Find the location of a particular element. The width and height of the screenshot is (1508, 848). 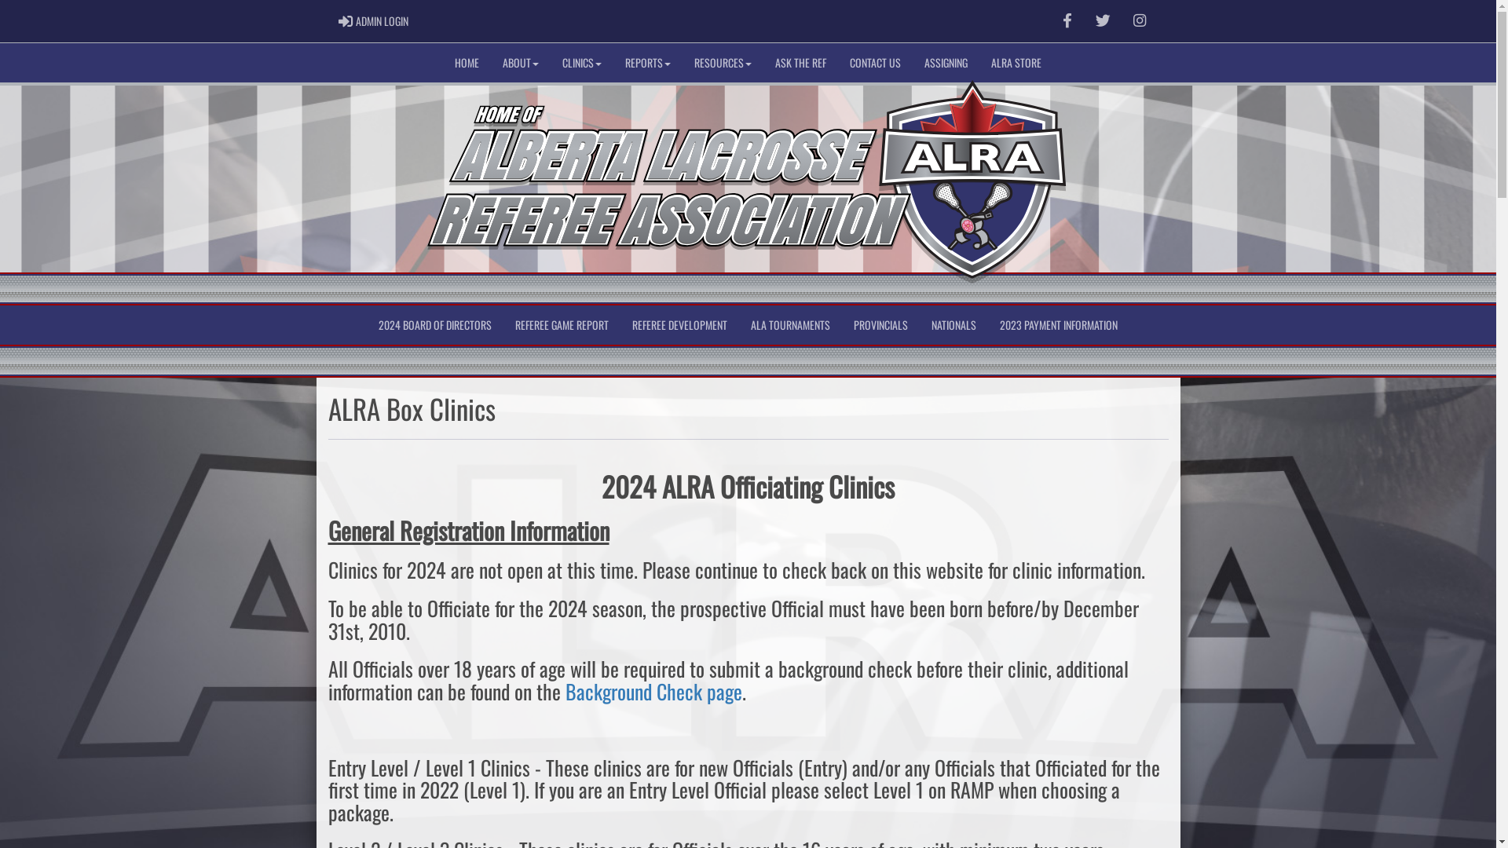

'instagram' is located at coordinates (1133, 20).